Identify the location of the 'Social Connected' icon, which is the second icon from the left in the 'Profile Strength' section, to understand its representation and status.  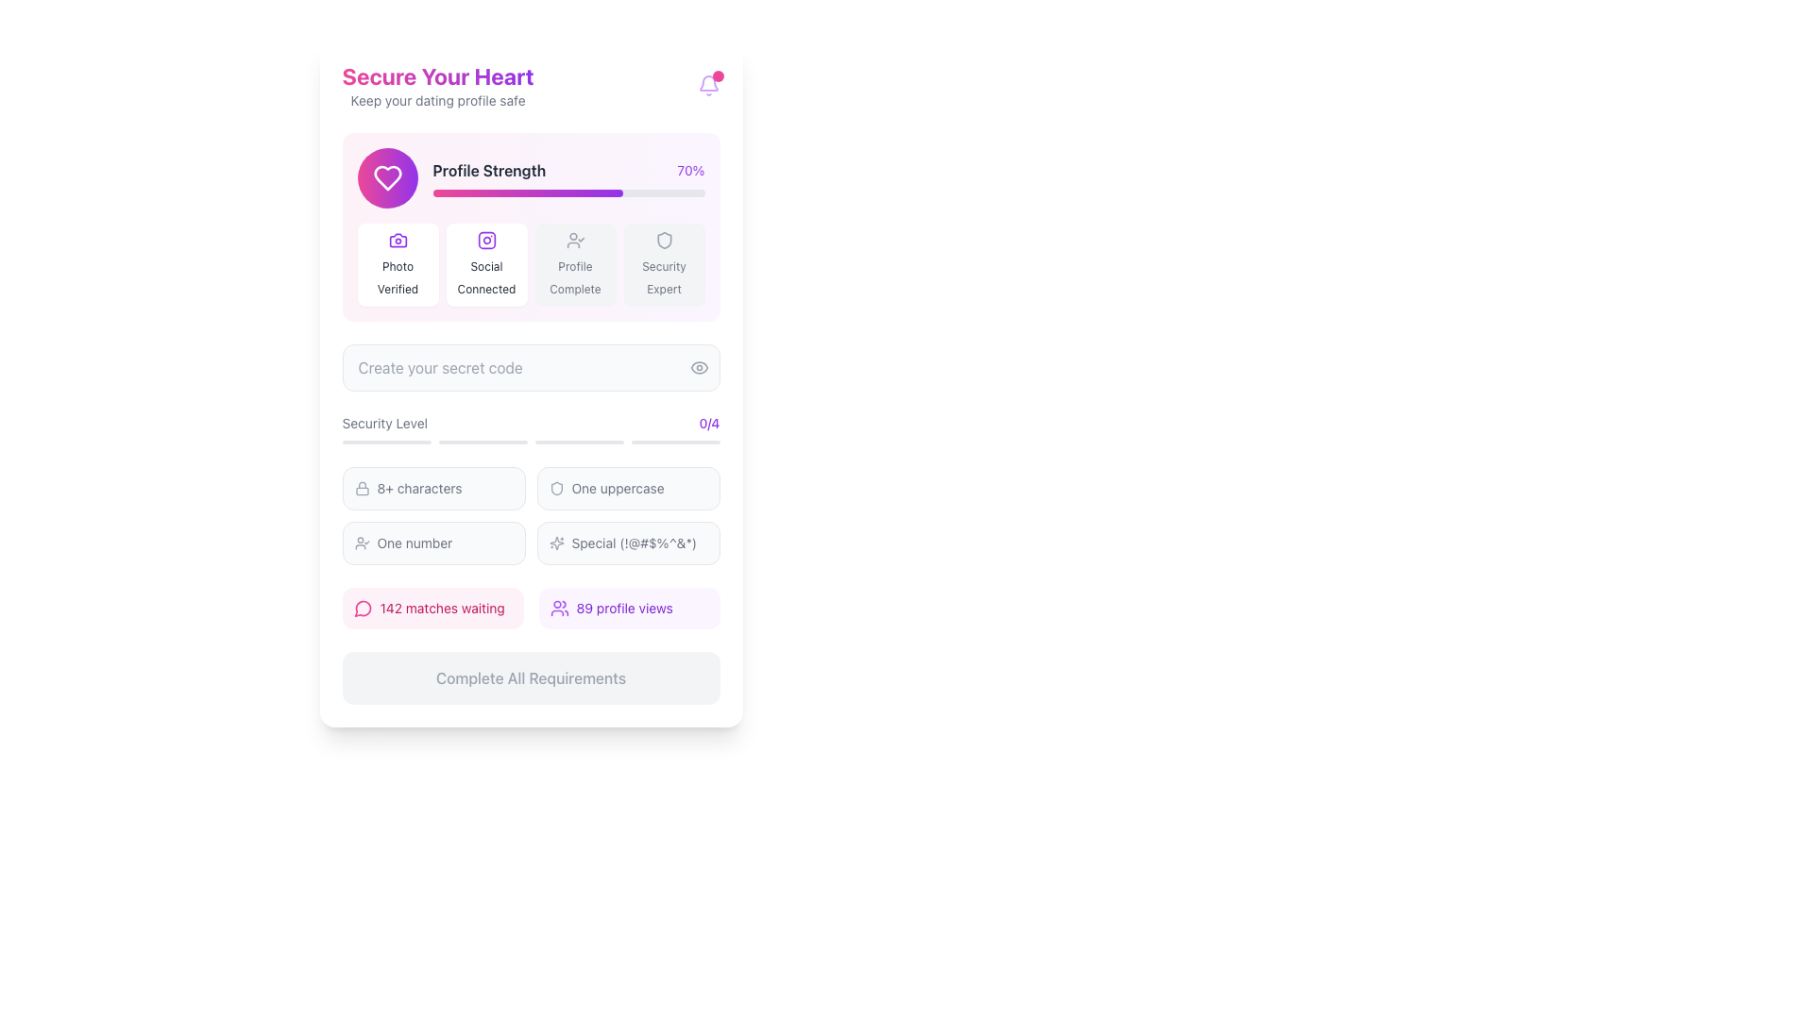
(486, 239).